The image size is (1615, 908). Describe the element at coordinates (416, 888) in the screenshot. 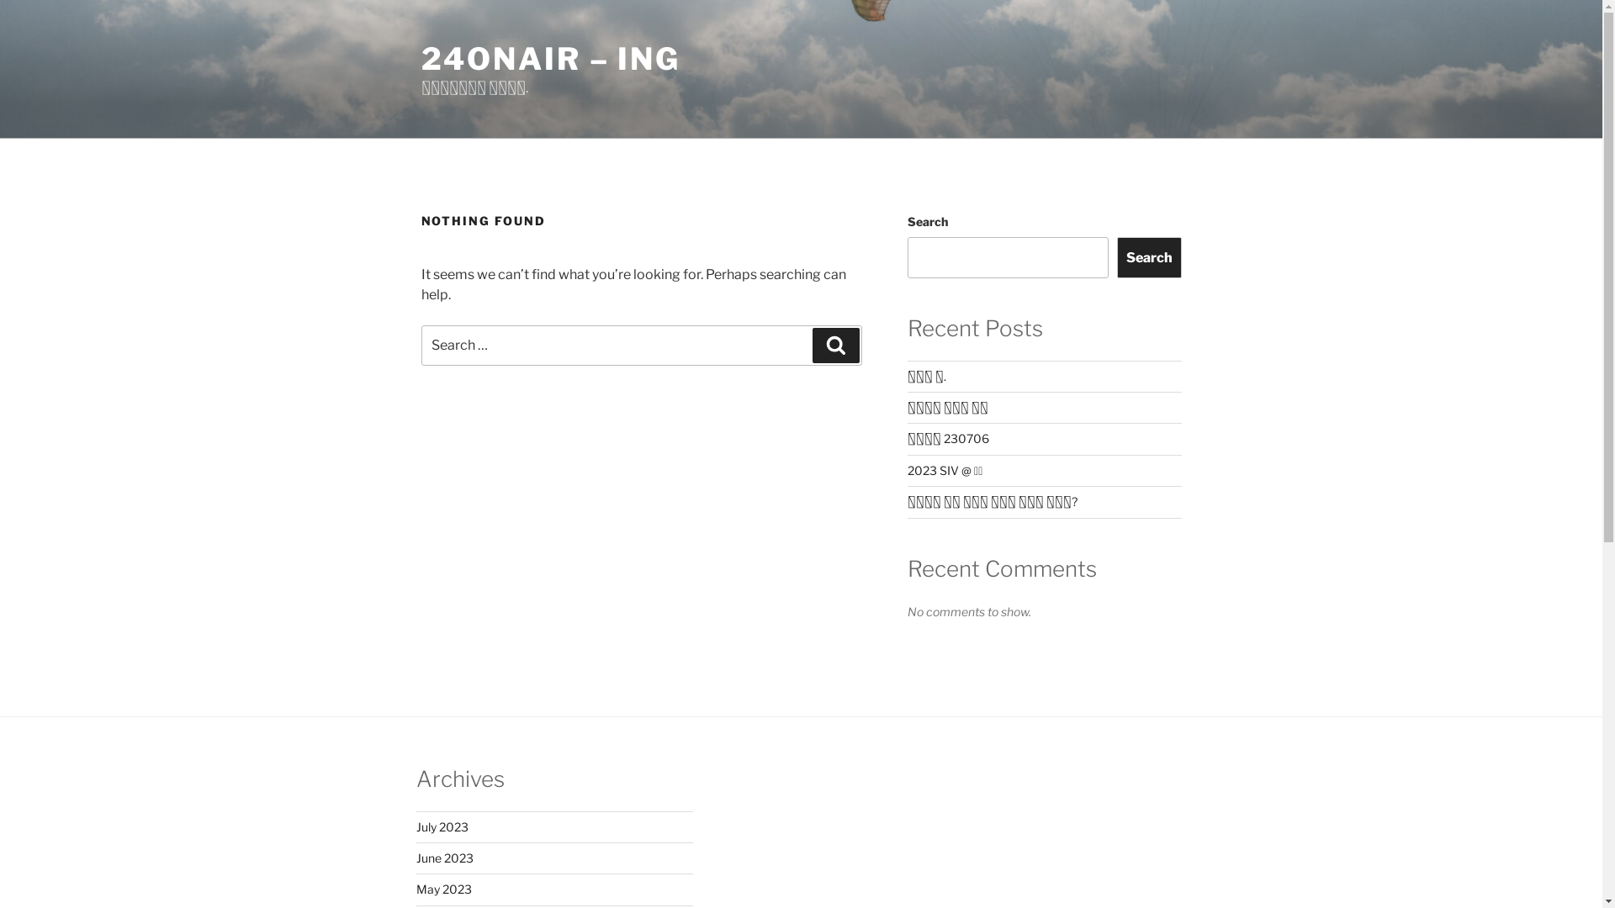

I see `'May 2023'` at that location.